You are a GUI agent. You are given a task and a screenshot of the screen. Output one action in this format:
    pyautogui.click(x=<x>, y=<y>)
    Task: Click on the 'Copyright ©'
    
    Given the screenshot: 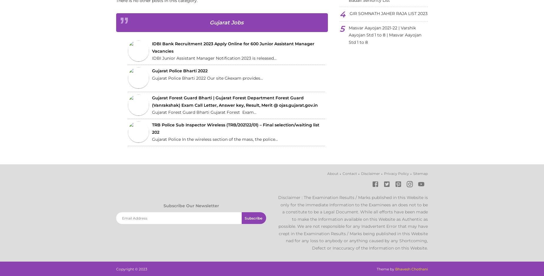 What is the action you would take?
    pyautogui.click(x=116, y=269)
    